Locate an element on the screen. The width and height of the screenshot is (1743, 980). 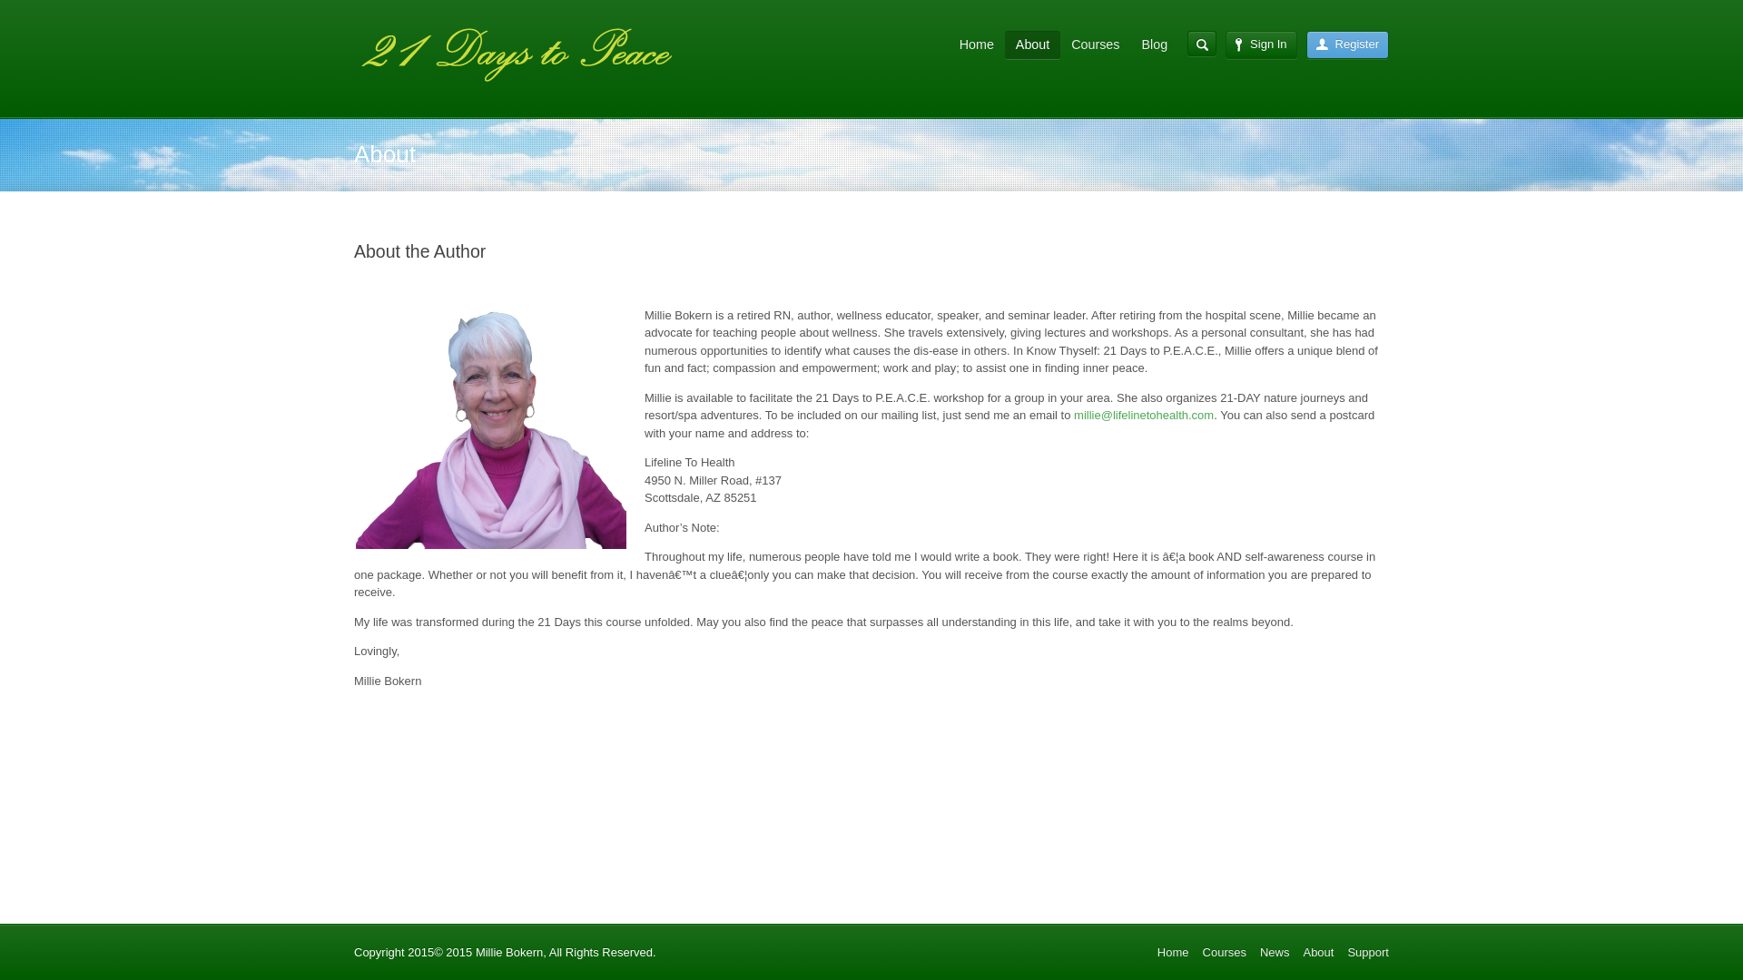
'millie@lifelinetohealth.com' is located at coordinates (1142, 415).